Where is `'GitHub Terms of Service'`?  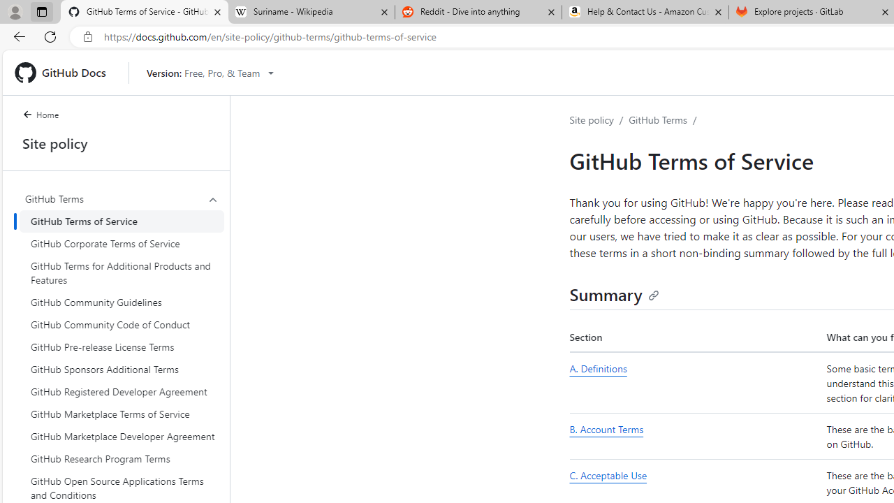 'GitHub Terms of Service' is located at coordinates (122, 220).